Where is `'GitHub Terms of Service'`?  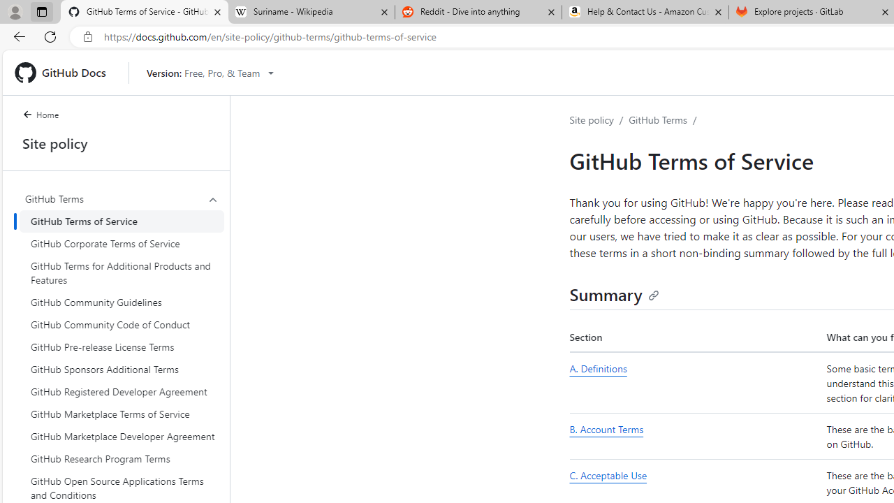 'GitHub Terms of Service' is located at coordinates (122, 220).